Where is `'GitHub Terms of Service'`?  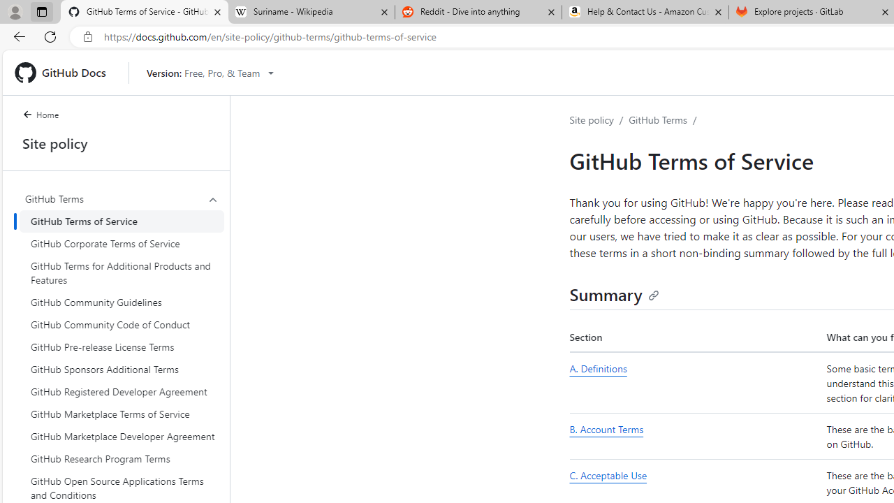 'GitHub Terms of Service' is located at coordinates (122, 220).